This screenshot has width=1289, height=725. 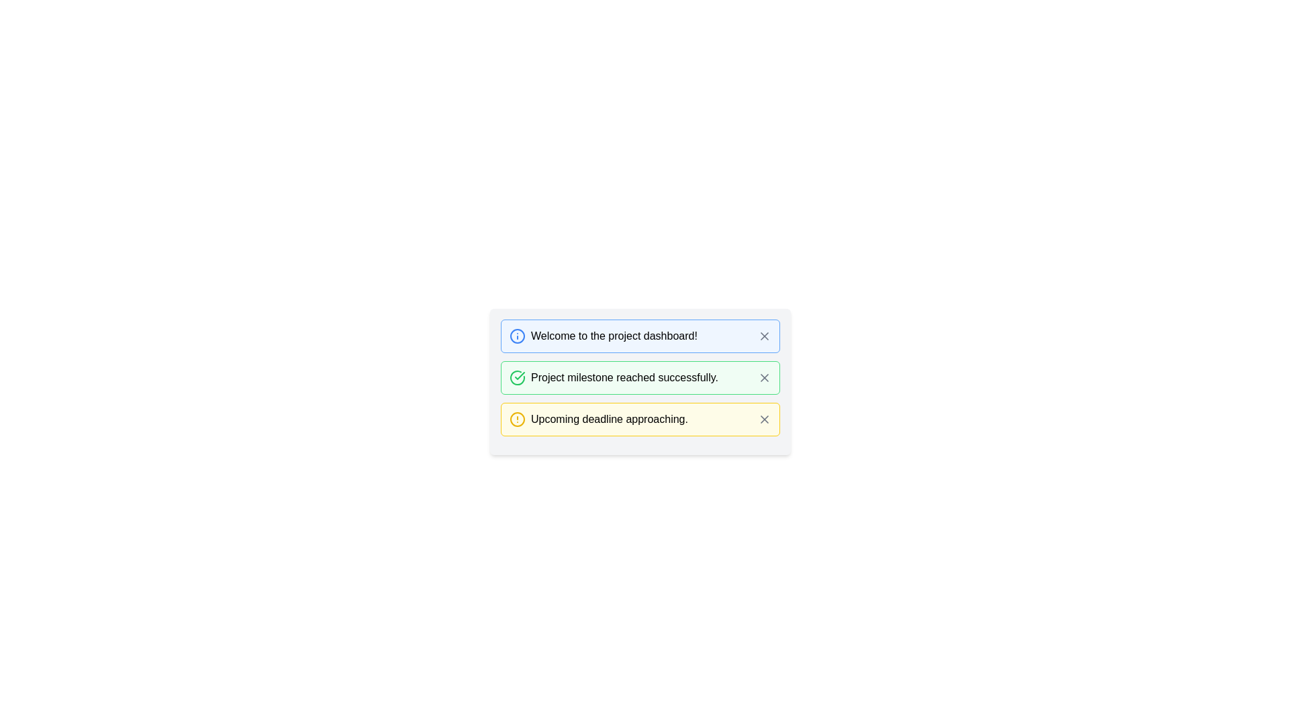 What do you see at coordinates (598, 418) in the screenshot?
I see `the text label with icon that communicates a notification about an approaching deadline, located in the third card of a vertically stacked series of notifications, centered horizontally within a yellow-highlighted card` at bounding box center [598, 418].